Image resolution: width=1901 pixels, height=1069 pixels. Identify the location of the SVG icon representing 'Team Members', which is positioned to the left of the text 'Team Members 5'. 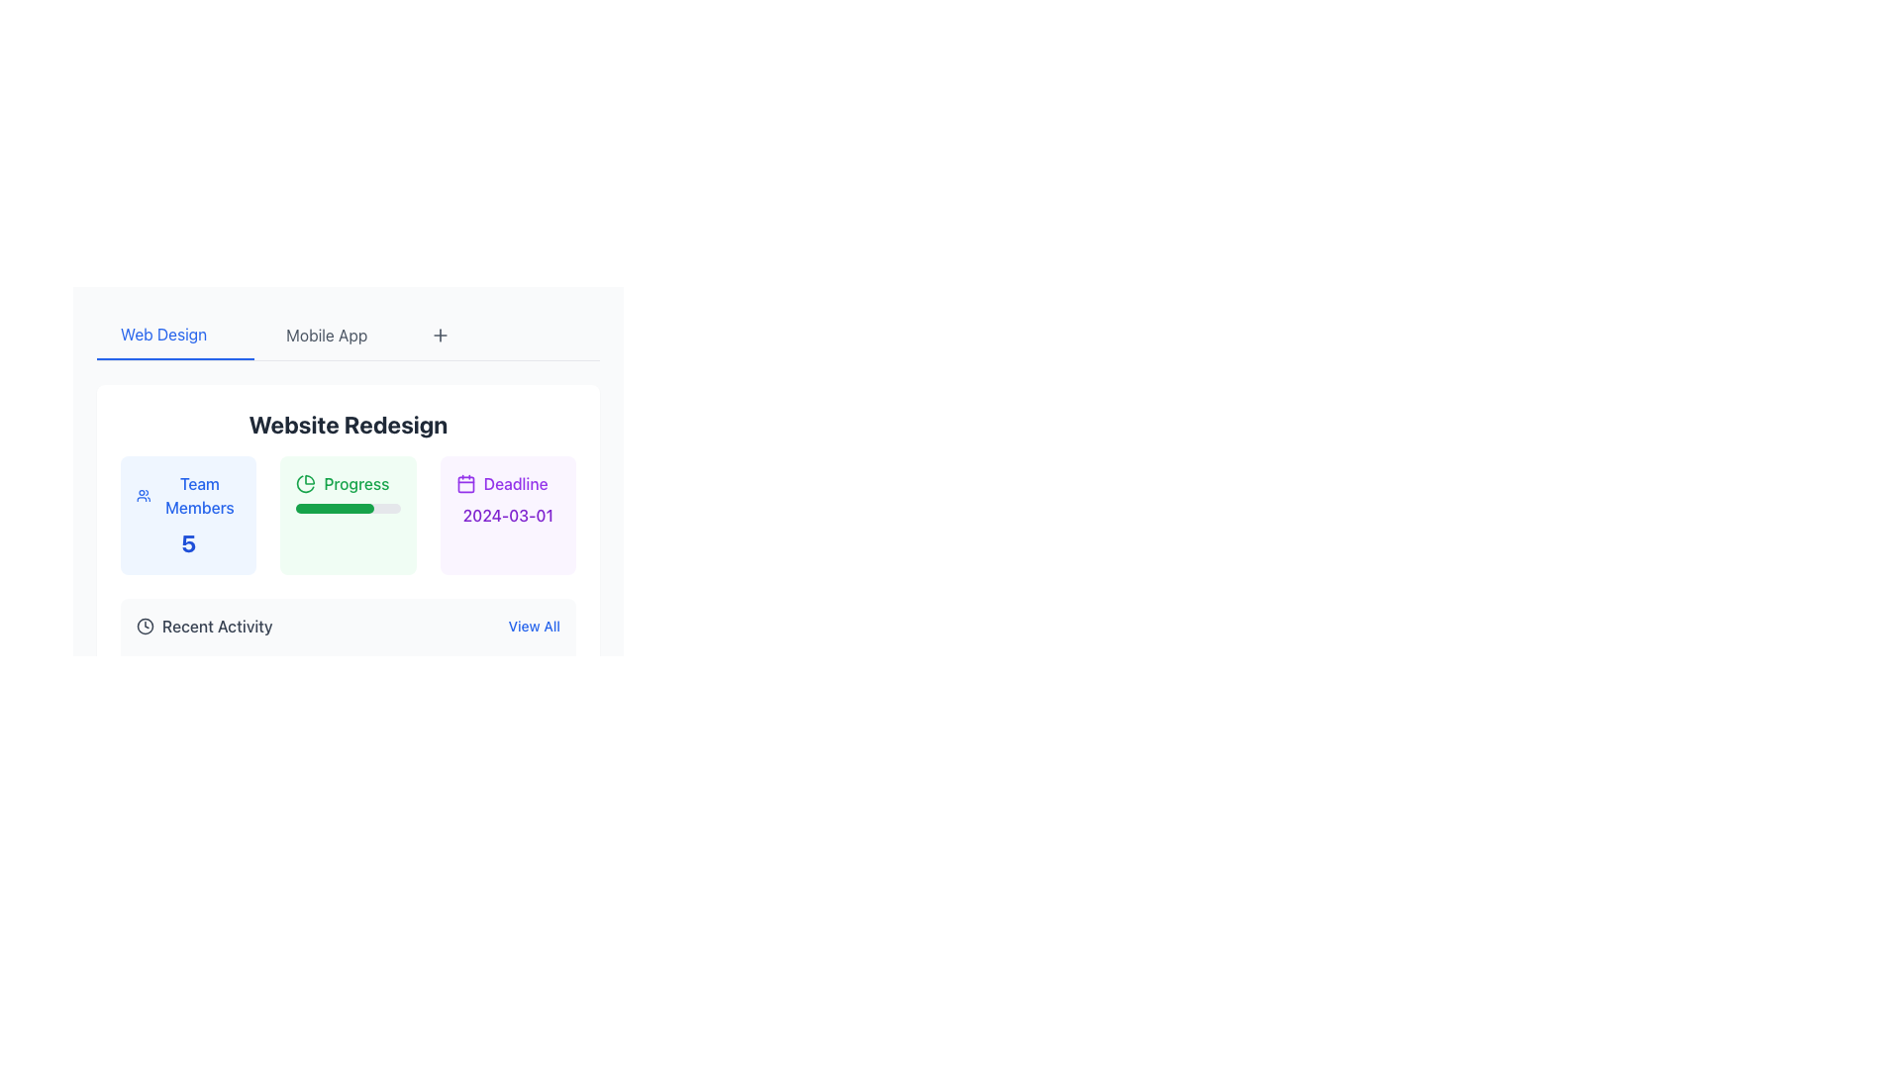
(143, 495).